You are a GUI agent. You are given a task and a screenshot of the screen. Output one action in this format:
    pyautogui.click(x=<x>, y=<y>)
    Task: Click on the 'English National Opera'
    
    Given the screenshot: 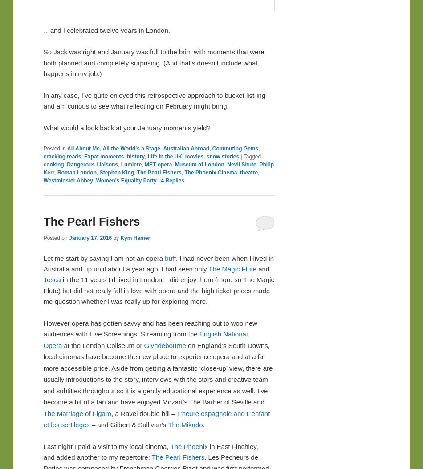 What is the action you would take?
    pyautogui.click(x=145, y=339)
    